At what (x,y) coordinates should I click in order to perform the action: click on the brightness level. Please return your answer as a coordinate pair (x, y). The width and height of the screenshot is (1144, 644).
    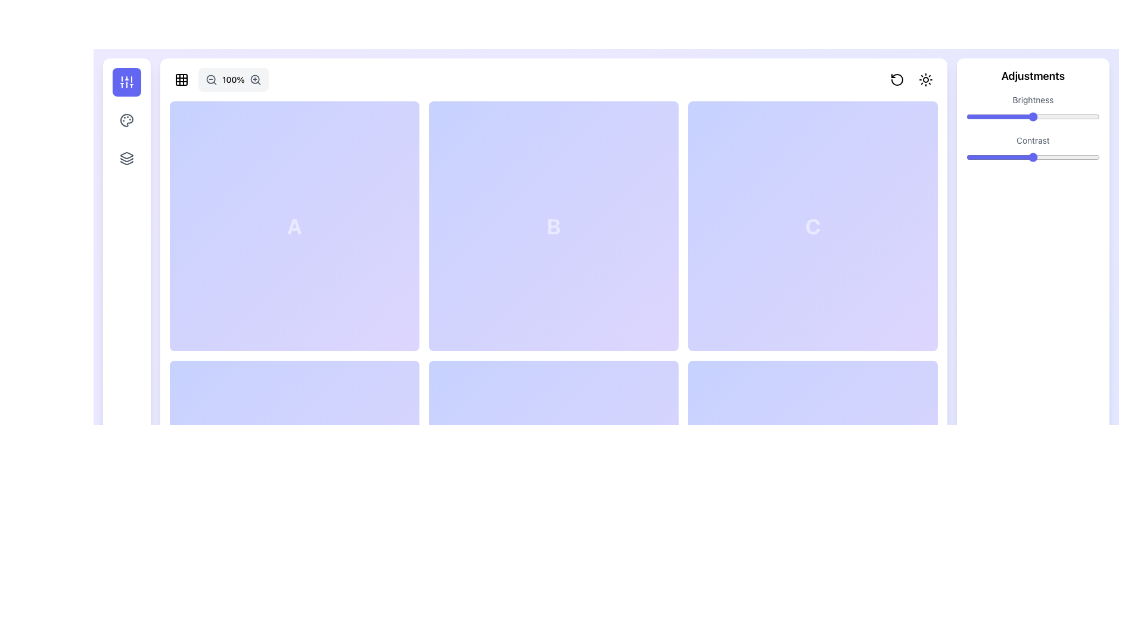
    Looking at the image, I should click on (1089, 117).